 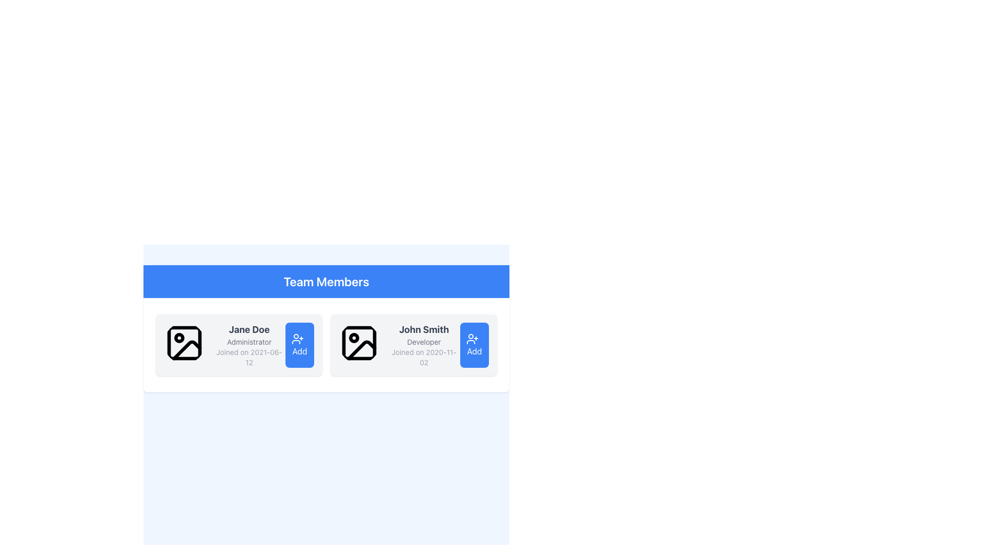 I want to click on the image placeholder icon for the profile picture of user 'Jane Doe', located within the card to the left of the text block containing her name, role, and date joined, so click(x=184, y=343).